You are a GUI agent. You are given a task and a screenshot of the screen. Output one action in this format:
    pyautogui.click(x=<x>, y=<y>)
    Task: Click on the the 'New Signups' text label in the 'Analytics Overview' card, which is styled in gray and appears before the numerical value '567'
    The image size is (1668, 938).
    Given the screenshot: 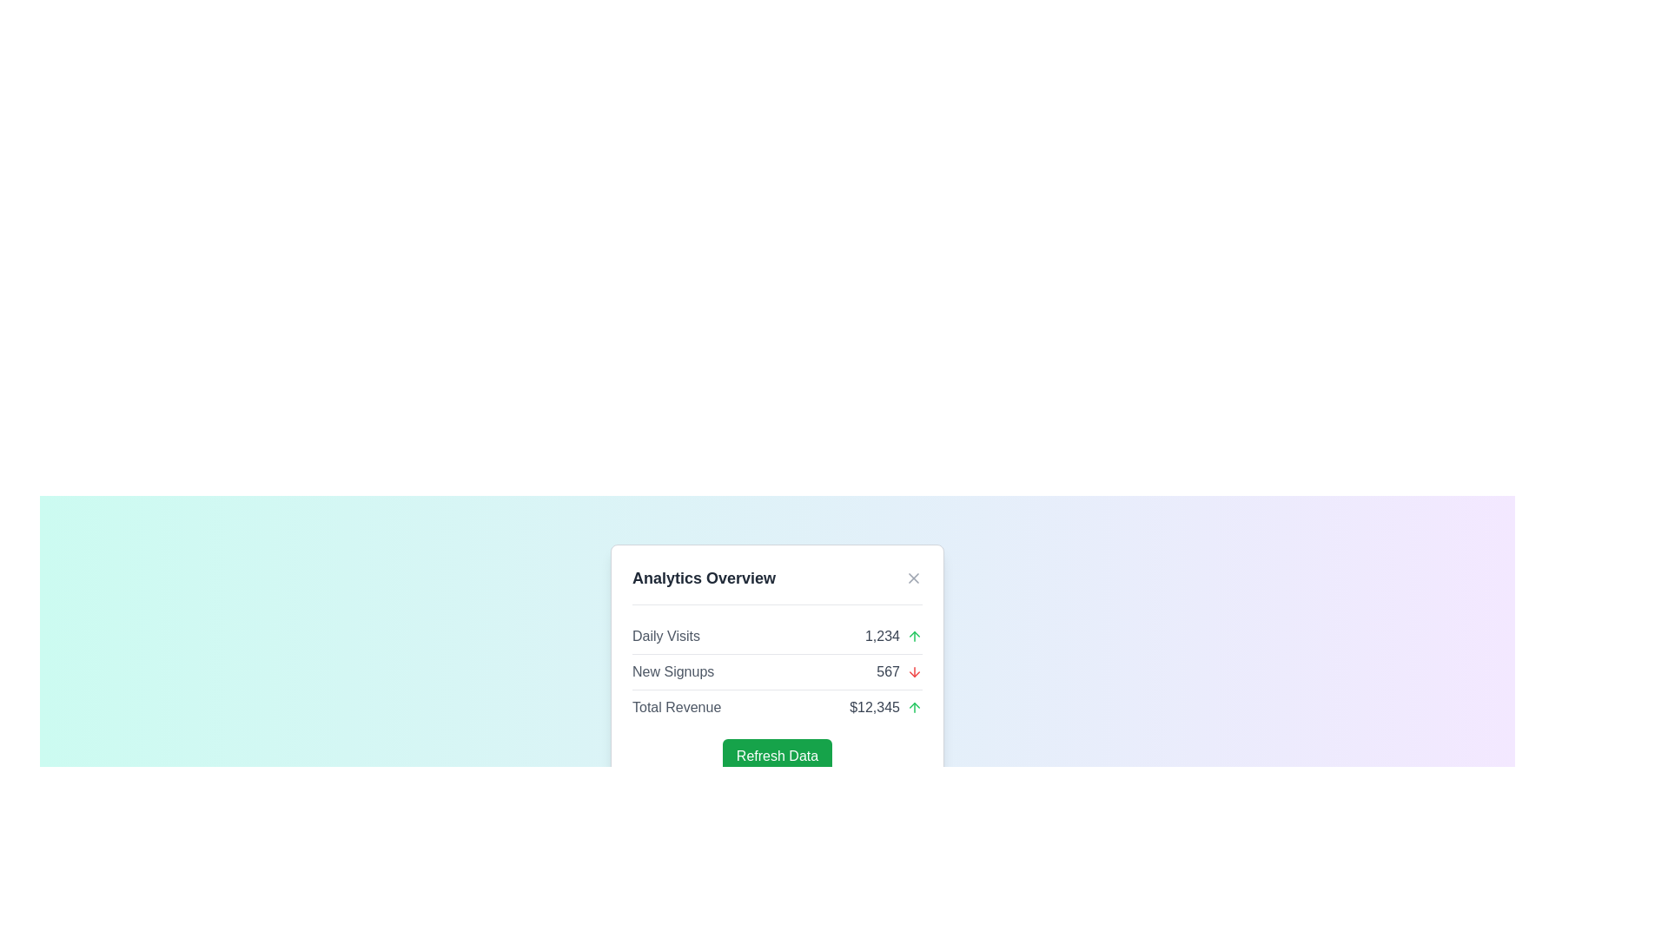 What is the action you would take?
    pyautogui.click(x=672, y=671)
    